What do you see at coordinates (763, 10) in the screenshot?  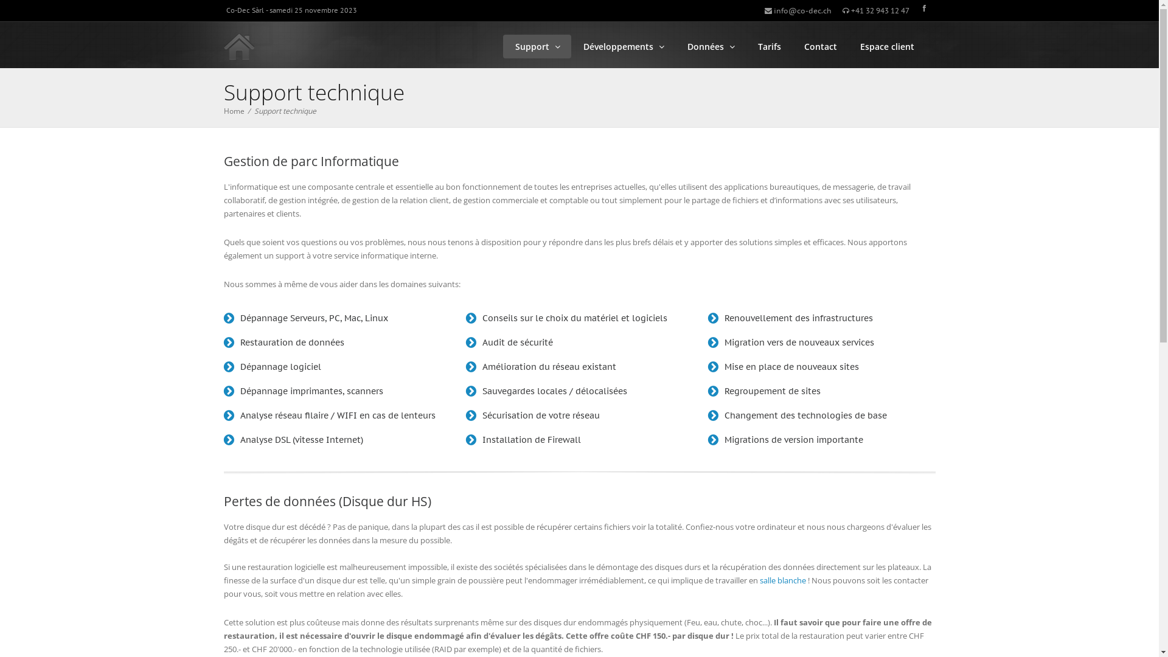 I see `'info@co-dec.ch'` at bounding box center [763, 10].